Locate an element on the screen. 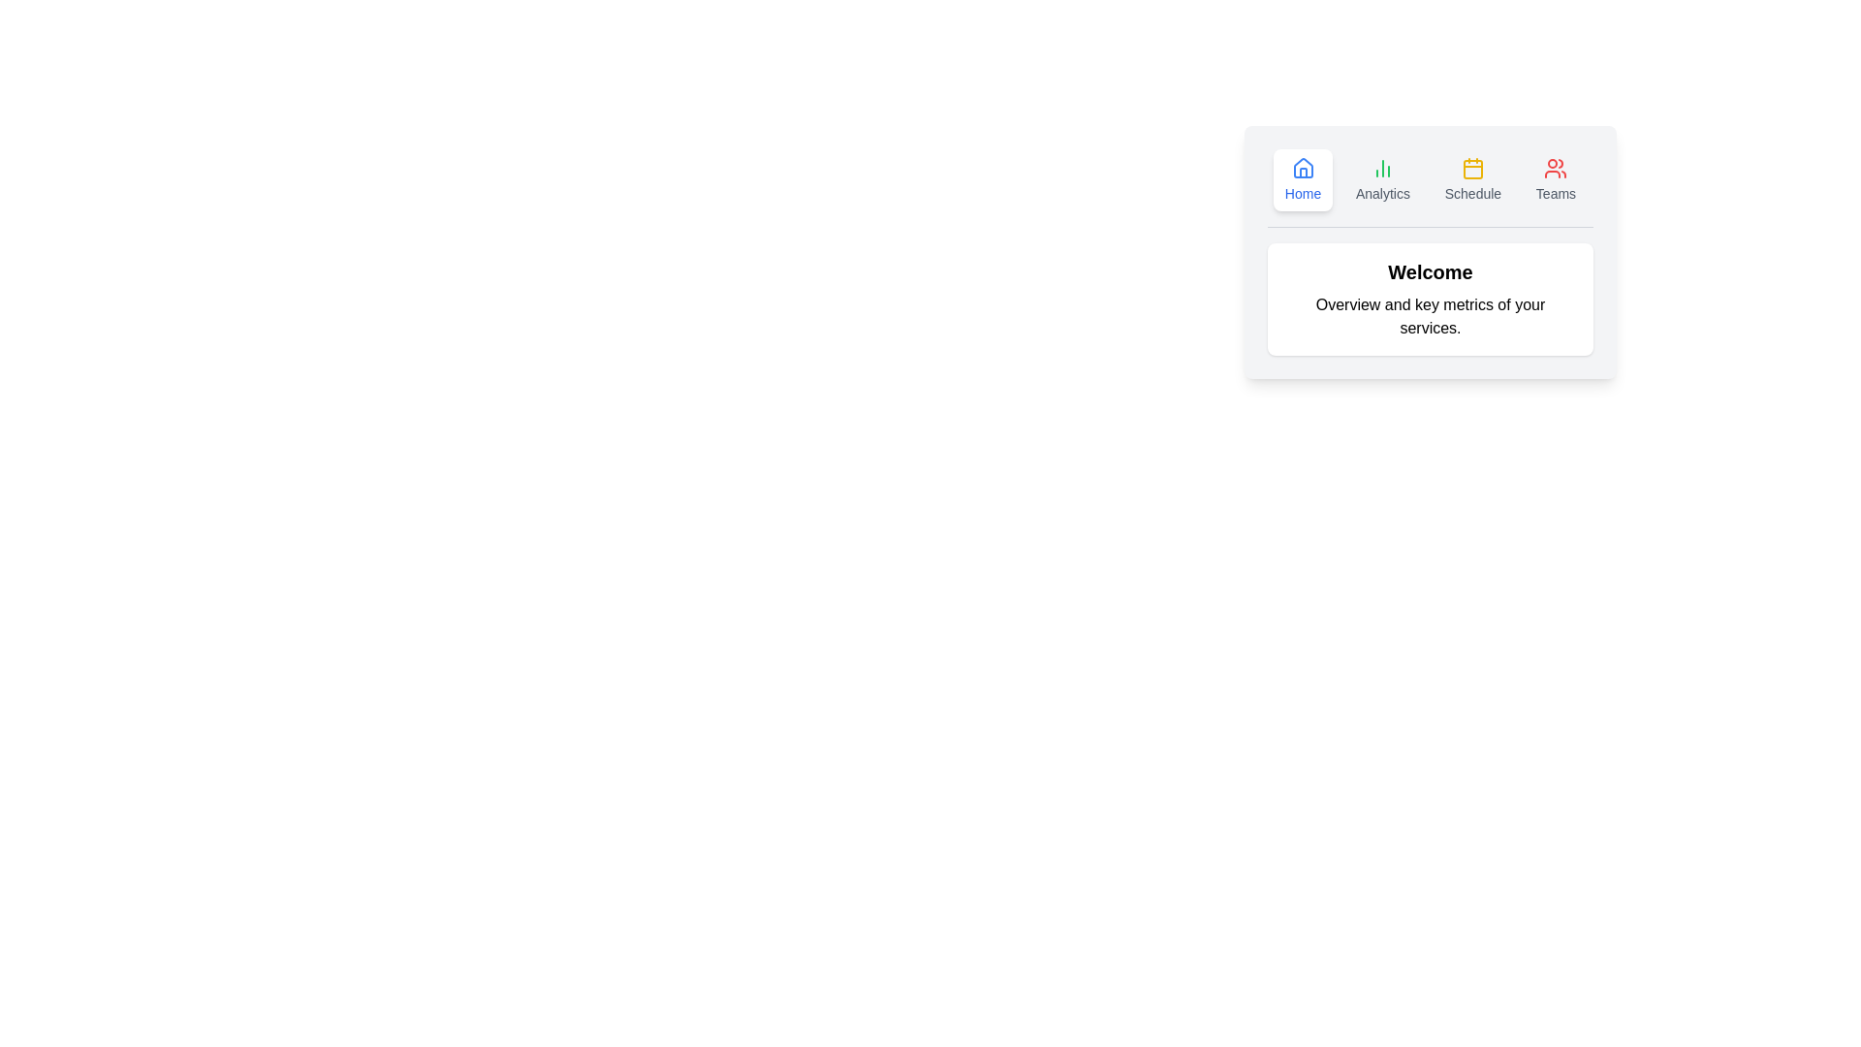 Image resolution: width=1861 pixels, height=1047 pixels. the green vertical bar chart icon located within the 'Analytics' menu item, which is the second item in a horizontal navigation menu is located at coordinates (1381, 167).